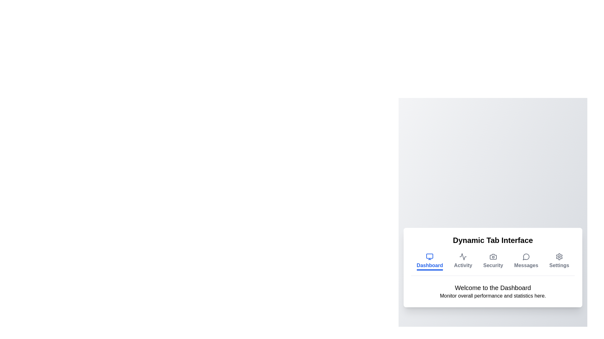 This screenshot has width=604, height=339. Describe the element at coordinates (492, 291) in the screenshot. I see `the text block displaying 'Welcome to the Dashboard' and 'Monitor overall performance and statistics here.' positioned at the bottom of the card component` at that location.